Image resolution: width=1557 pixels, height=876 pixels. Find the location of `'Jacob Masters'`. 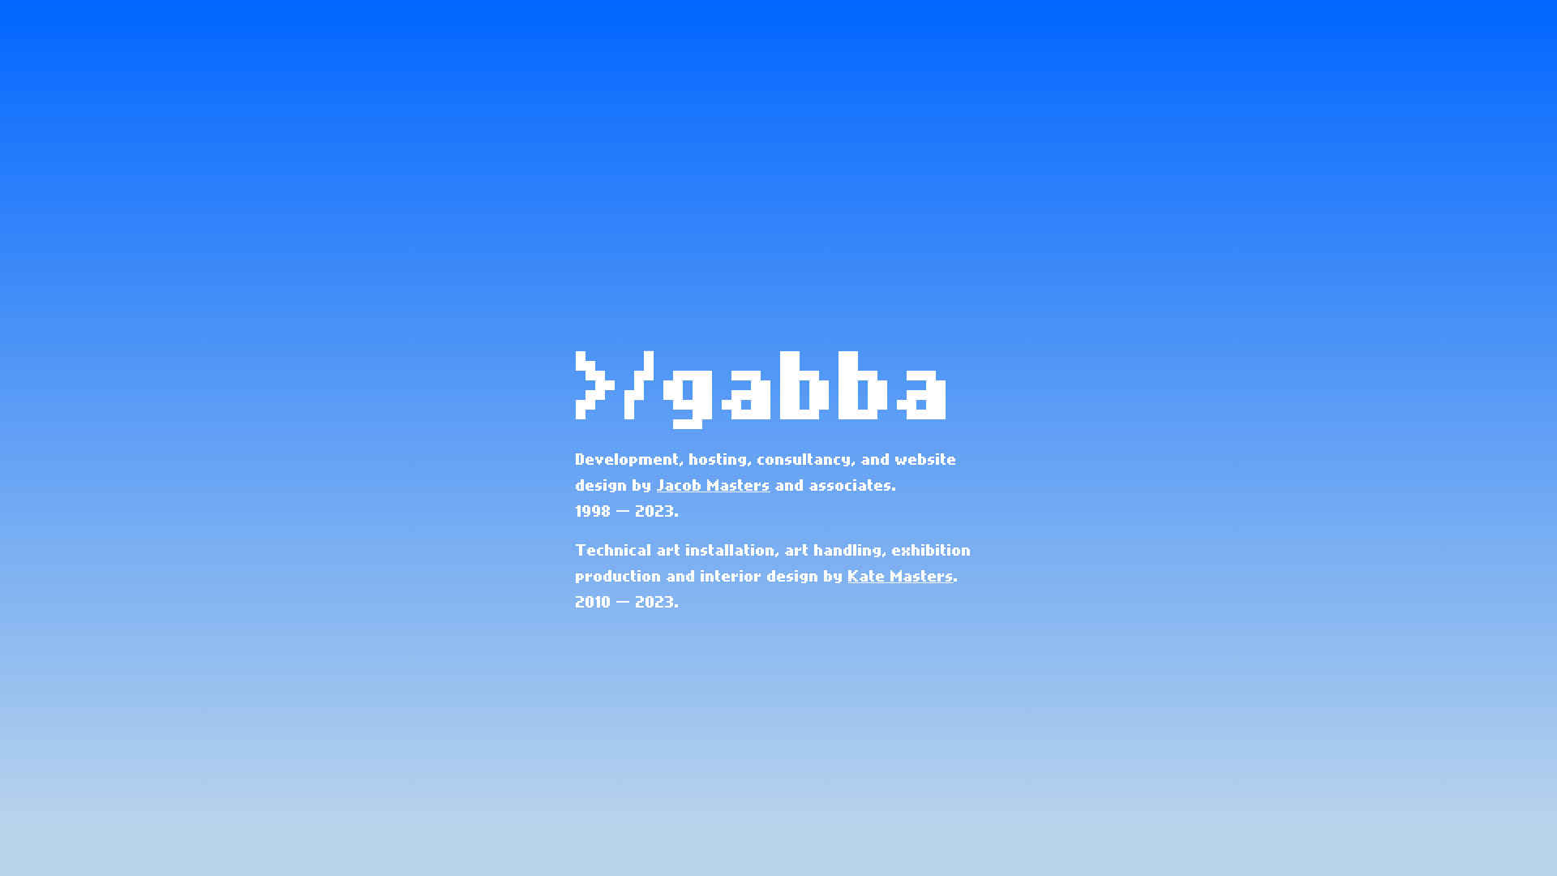

'Jacob Masters' is located at coordinates (713, 486).